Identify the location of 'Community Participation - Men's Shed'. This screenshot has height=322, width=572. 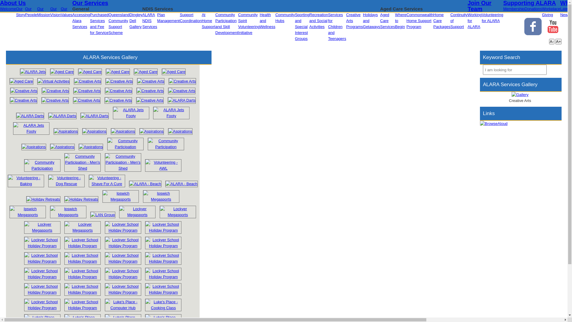
(82, 168).